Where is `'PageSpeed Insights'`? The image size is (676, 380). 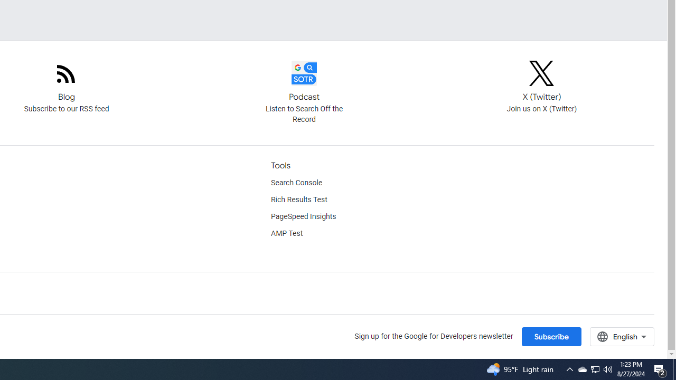 'PageSpeed Insights' is located at coordinates (303, 216).